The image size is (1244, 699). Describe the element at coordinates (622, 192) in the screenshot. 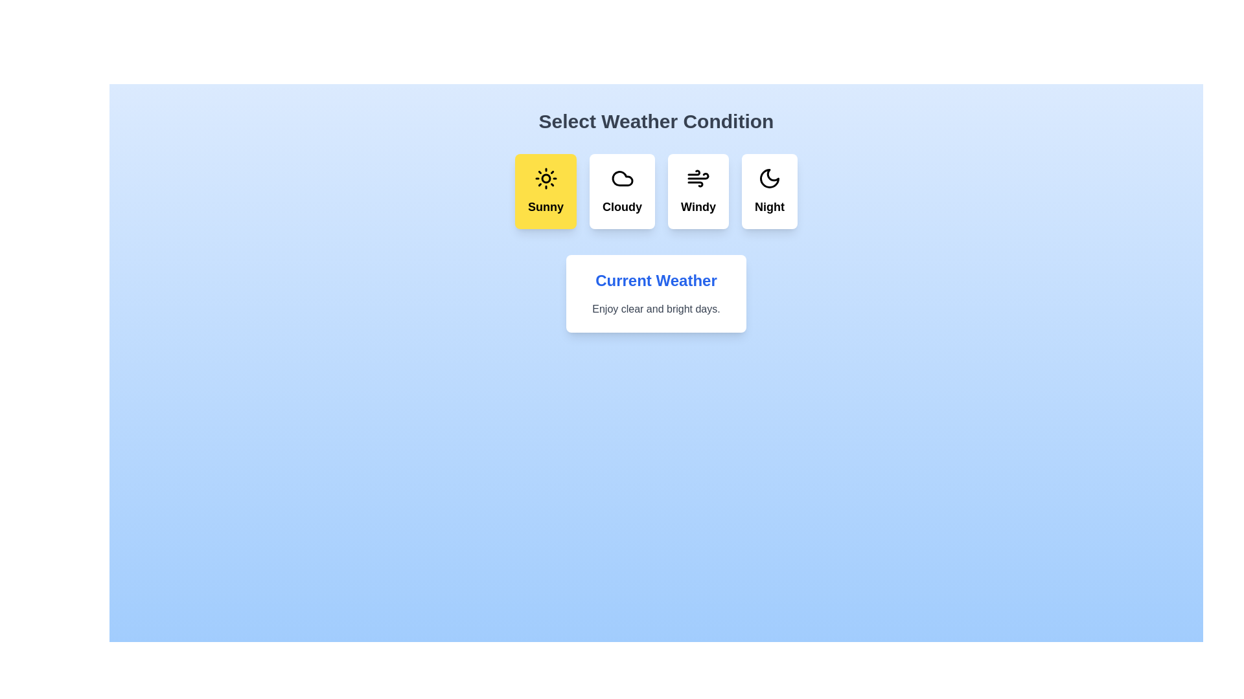

I see `the weather condition Cloudy by clicking its corresponding button` at that location.